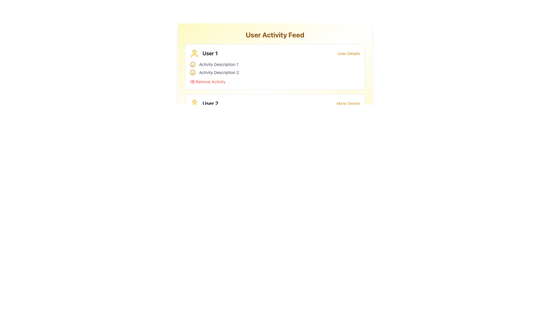  What do you see at coordinates (194, 101) in the screenshot?
I see `the small yellow circle representing the head of the user profile icon for 'User 1' in the 'User Activity Feed' section` at bounding box center [194, 101].